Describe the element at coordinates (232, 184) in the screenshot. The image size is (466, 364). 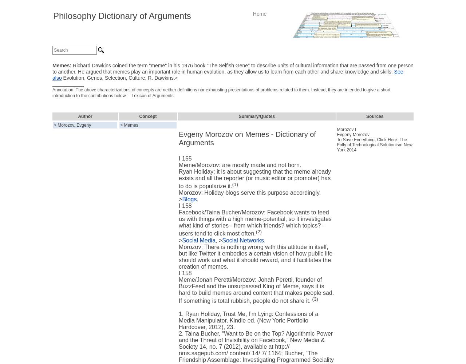
I see `'(1)'` at that location.